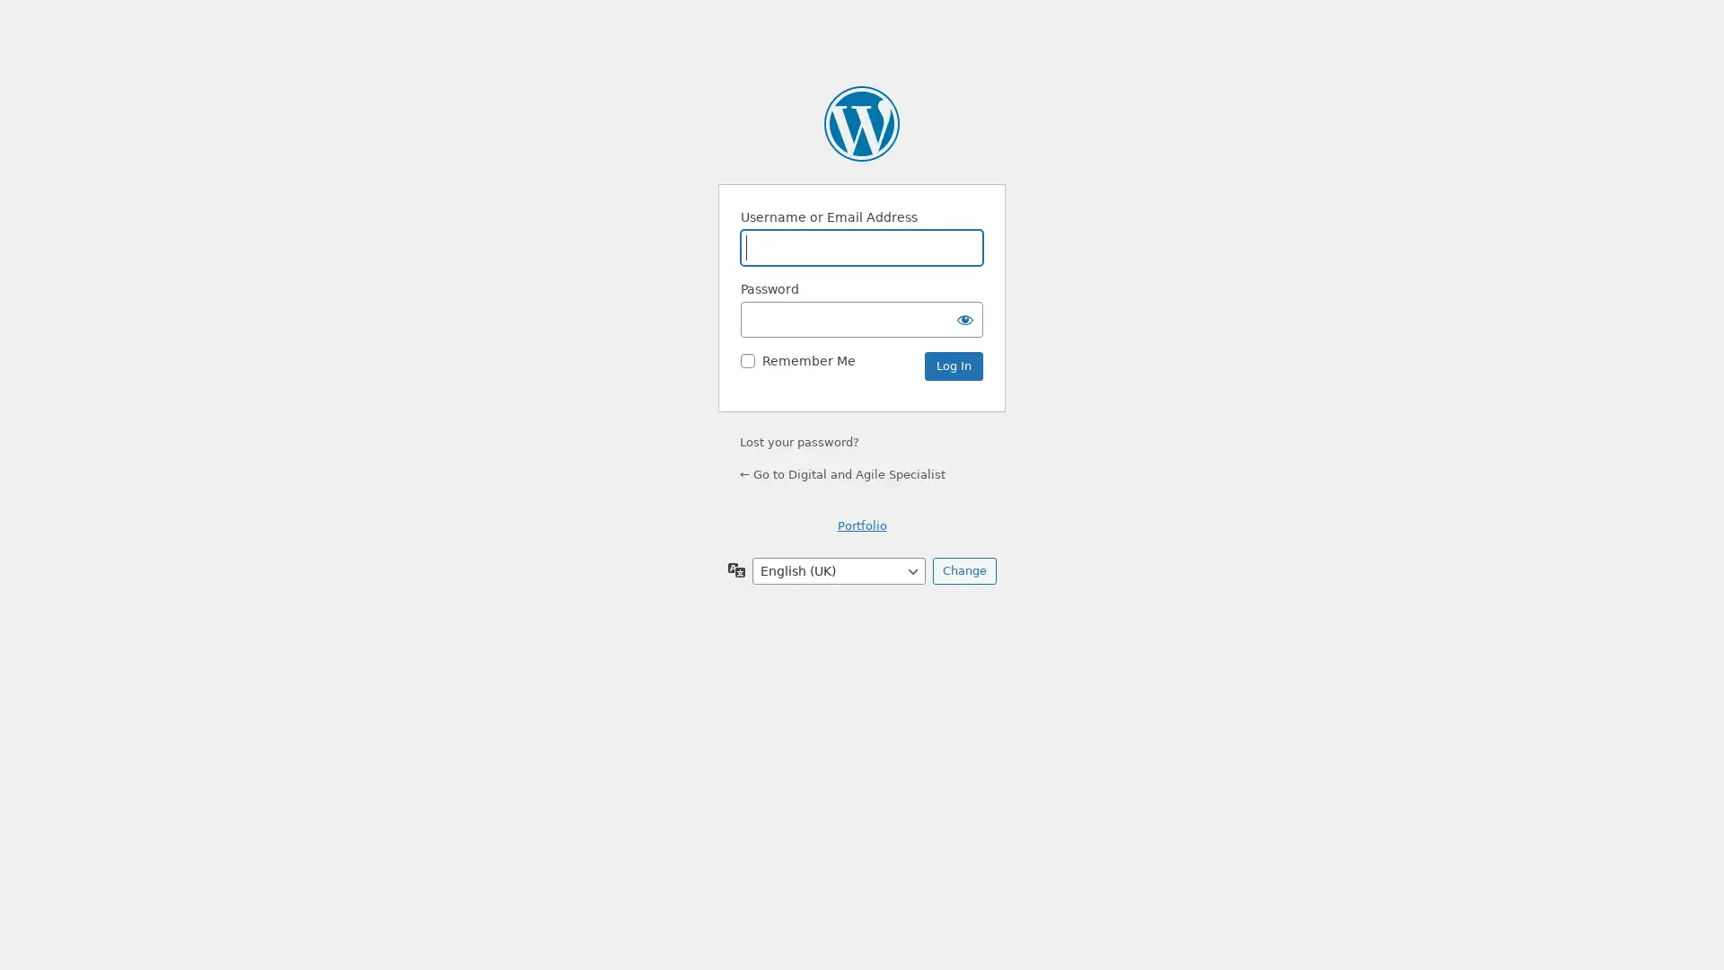 The width and height of the screenshot is (1724, 970). Describe the element at coordinates (963, 571) in the screenshot. I see `Change` at that location.